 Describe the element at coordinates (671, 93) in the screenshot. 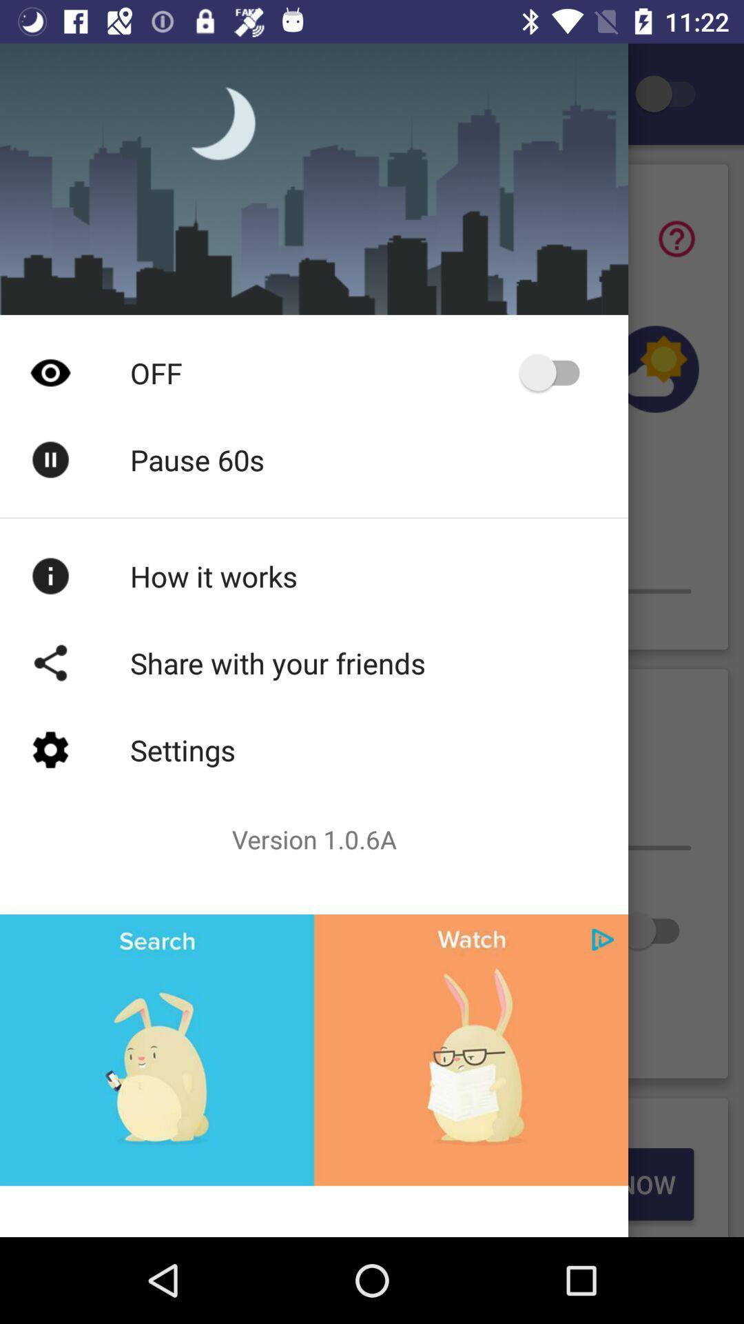

I see `blue light filter option` at that location.